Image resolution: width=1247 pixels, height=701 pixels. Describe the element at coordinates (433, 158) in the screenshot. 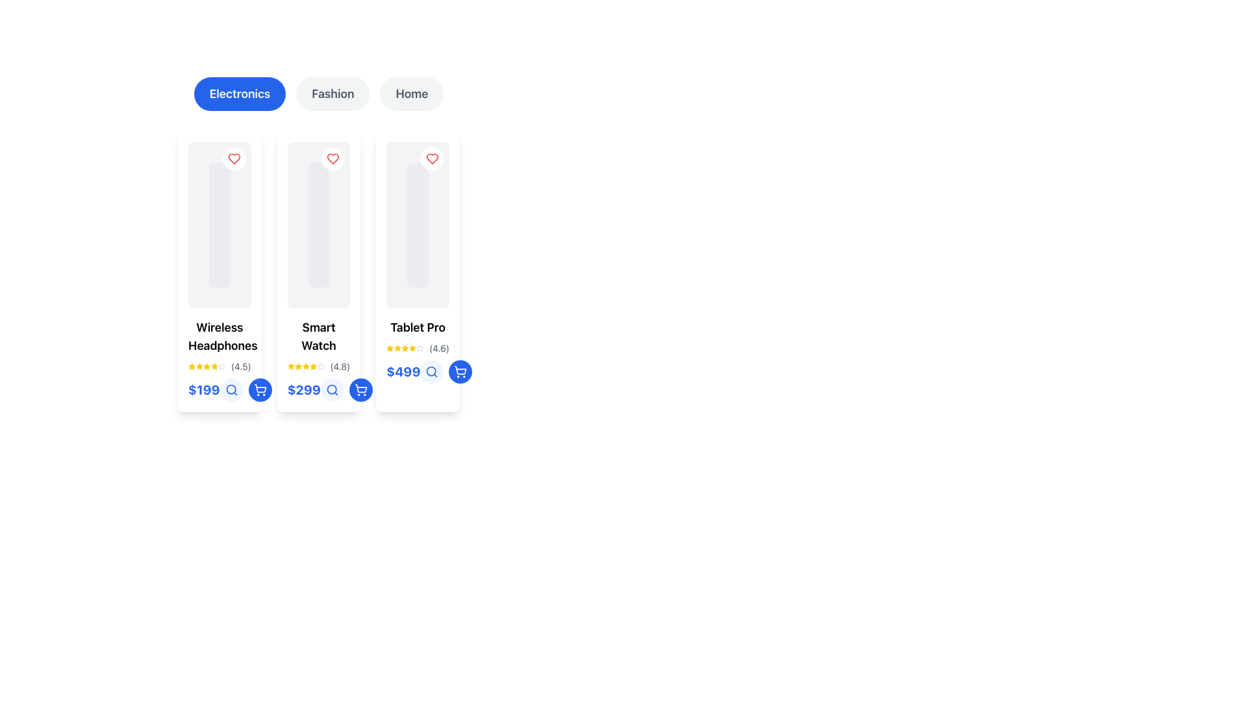

I see `the favorite icon within the circular button located at the top-right corner of the 'Tablet Pro' product card` at that location.